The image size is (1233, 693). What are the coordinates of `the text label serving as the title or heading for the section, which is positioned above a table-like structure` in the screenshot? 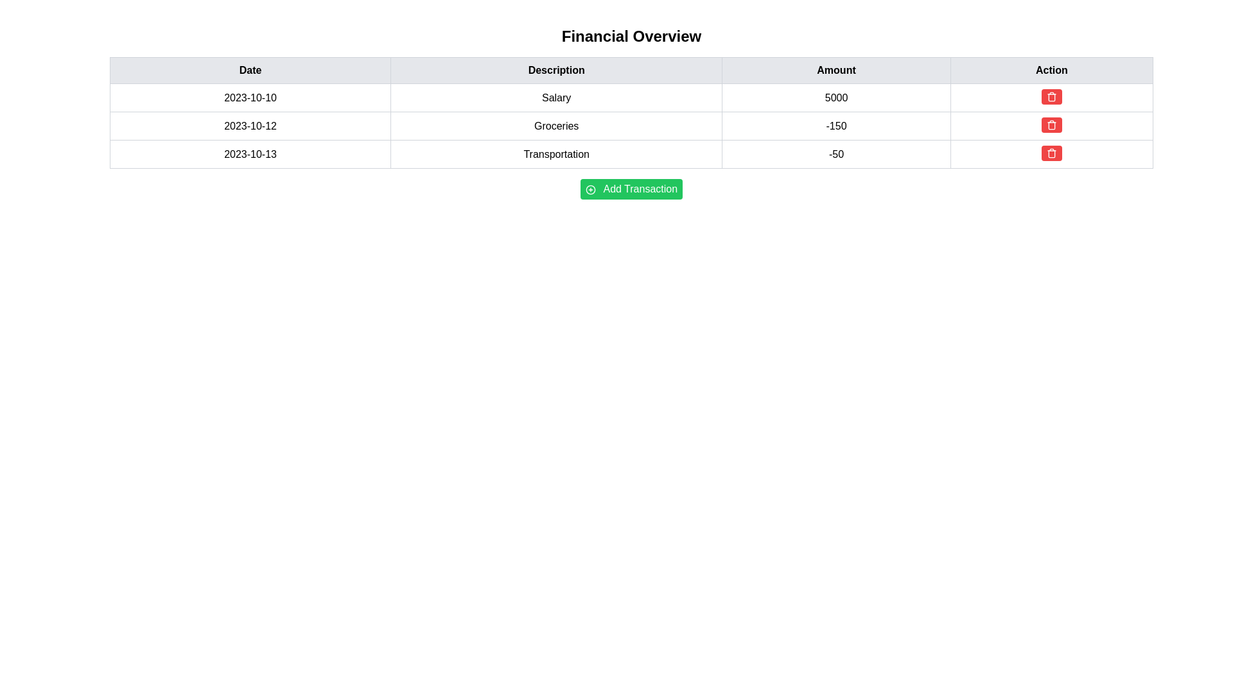 It's located at (631, 36).